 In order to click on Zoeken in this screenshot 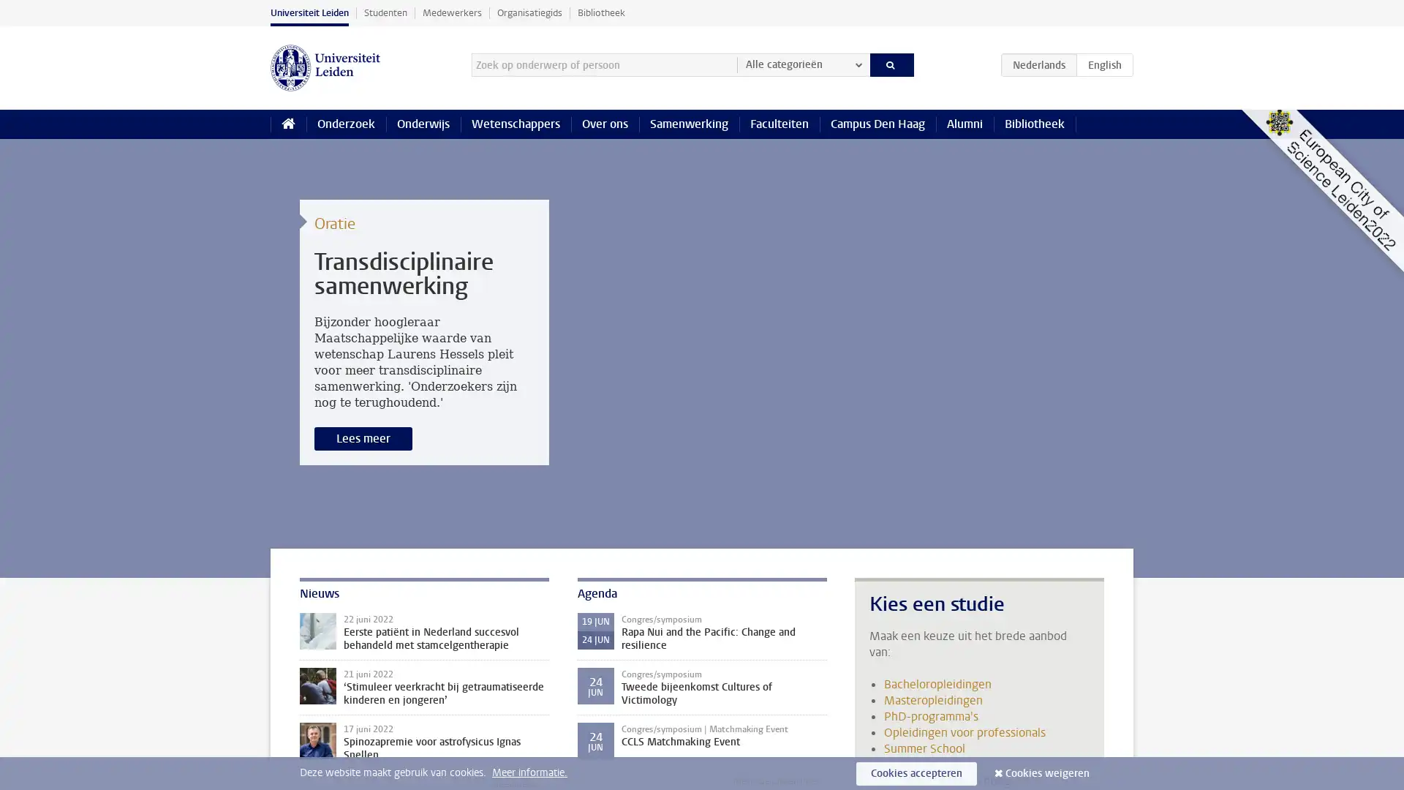, I will do `click(891, 64)`.